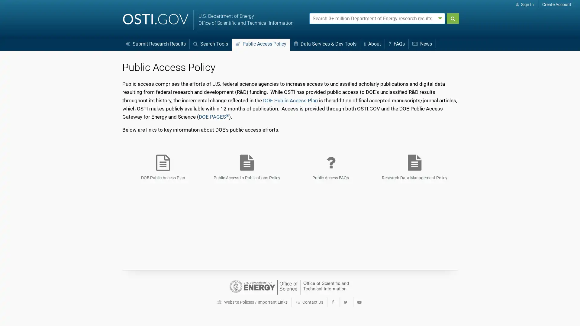  I want to click on Advanced search options, so click(440, 18).